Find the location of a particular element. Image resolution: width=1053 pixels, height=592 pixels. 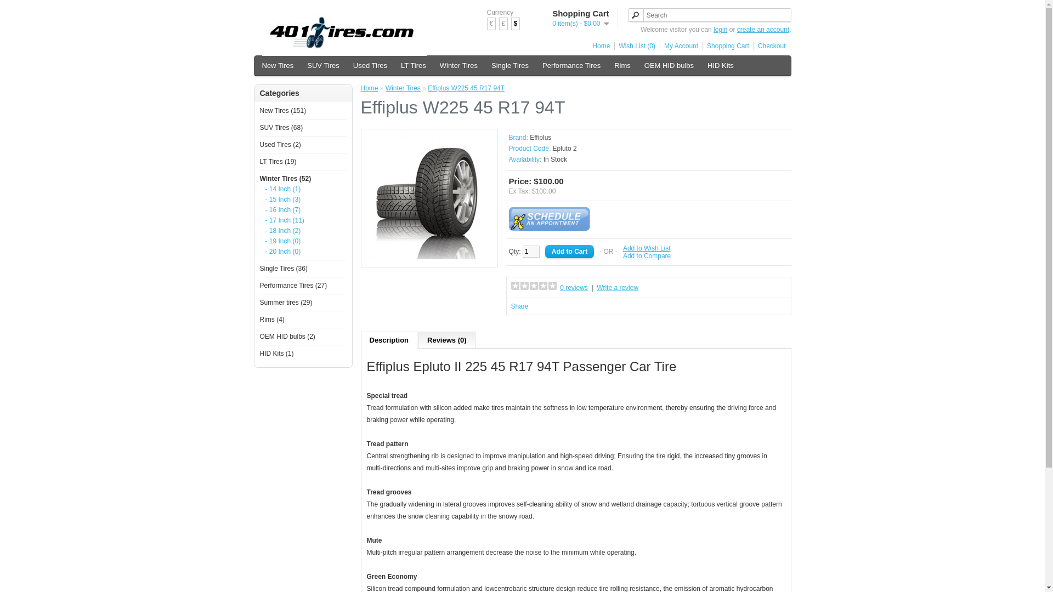

'- 20 Inch (0)' is located at coordinates (302, 252).